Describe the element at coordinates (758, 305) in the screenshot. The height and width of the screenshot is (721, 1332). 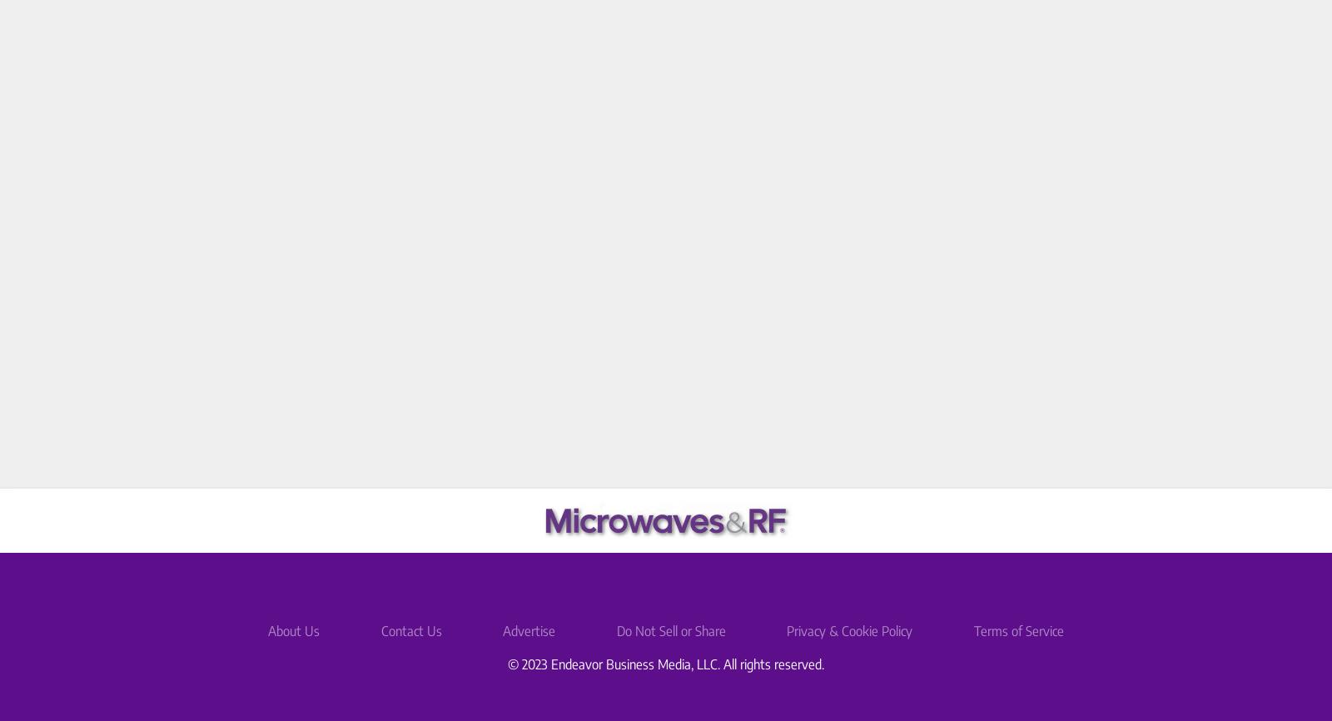
I see `'Simulation Model Considerations: Part I'` at that location.